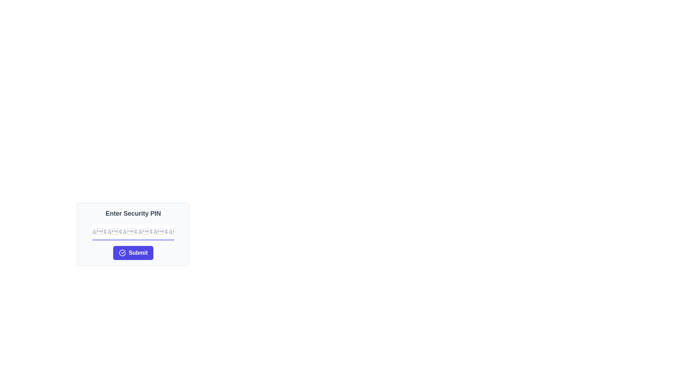 This screenshot has width=677, height=380. What do you see at coordinates (133, 213) in the screenshot?
I see `the Text Label that indicates the purpose of the form for entering a security PIN, which is centrally positioned at the top of the dialog box` at bounding box center [133, 213].